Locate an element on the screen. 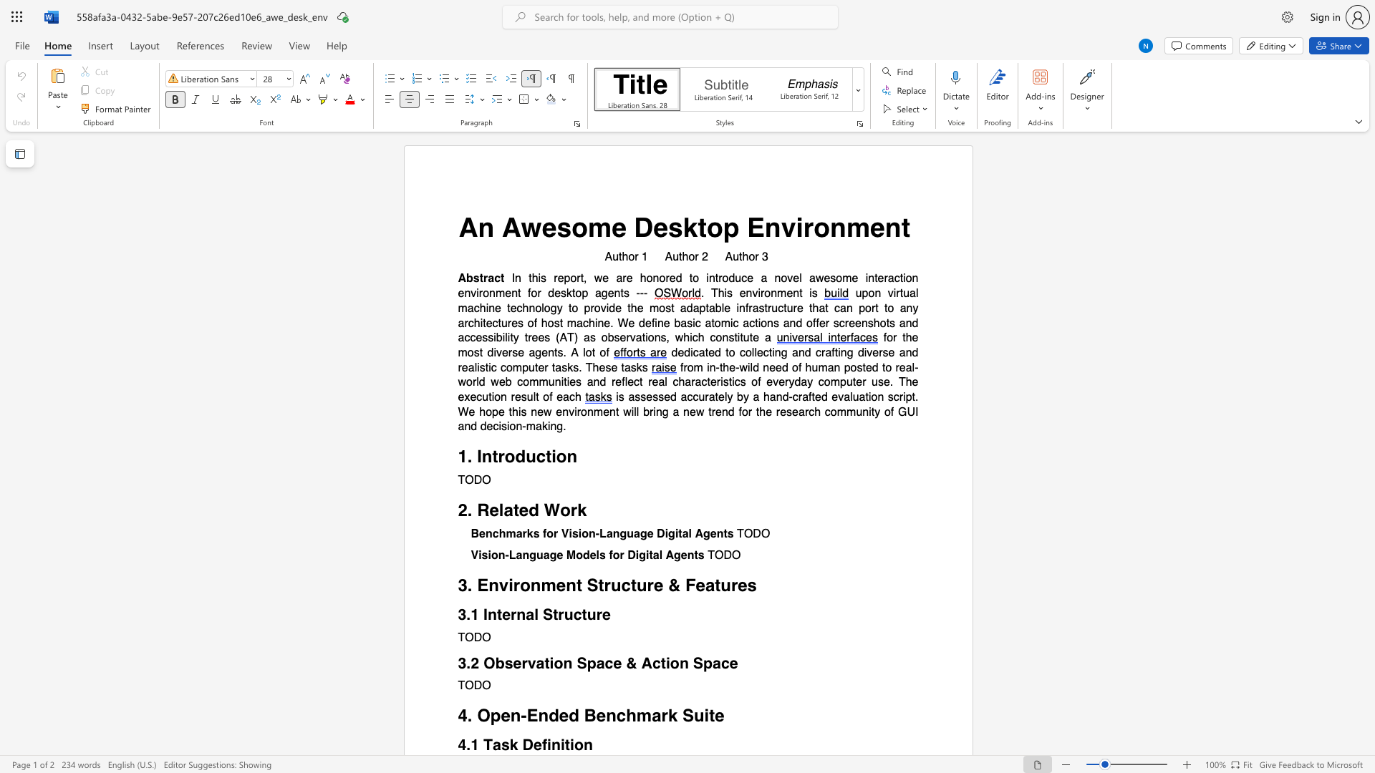  the subset text "pt" within the text "upon virtual machine technology to provide the most adaptable infrastructure that can port to any architectures of host machine. We define basic atomic actions and offer screenshots and accessibility trees (AT) as observations, which" is located at coordinates (699, 307).